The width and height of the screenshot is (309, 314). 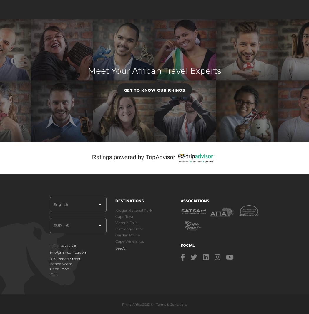 What do you see at coordinates (133, 157) in the screenshot?
I see `'Ratings powered by TripAdvisor'` at bounding box center [133, 157].